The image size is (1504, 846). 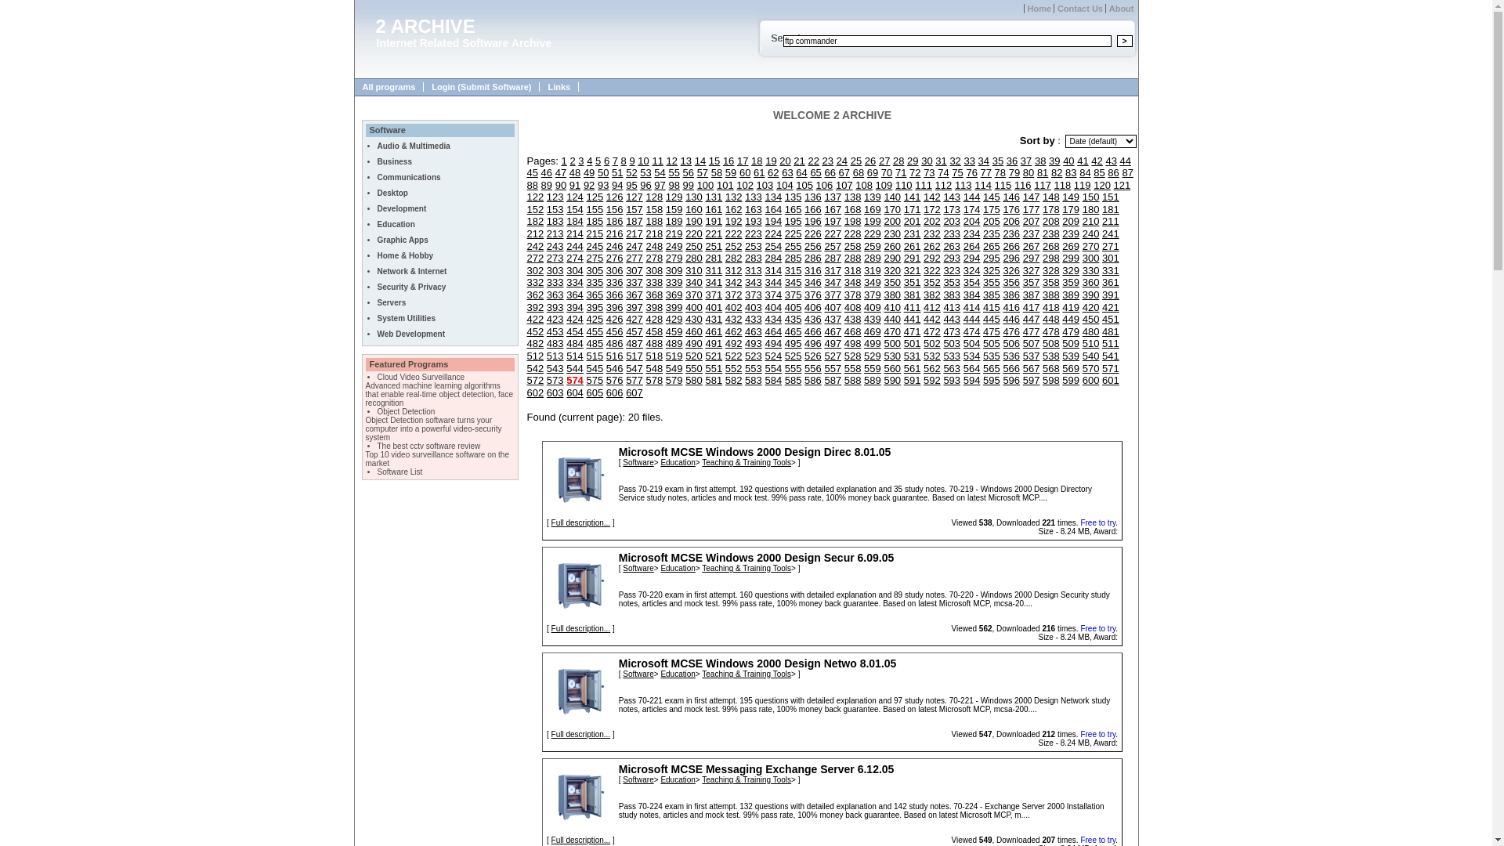 What do you see at coordinates (753, 331) in the screenshot?
I see `'463'` at bounding box center [753, 331].